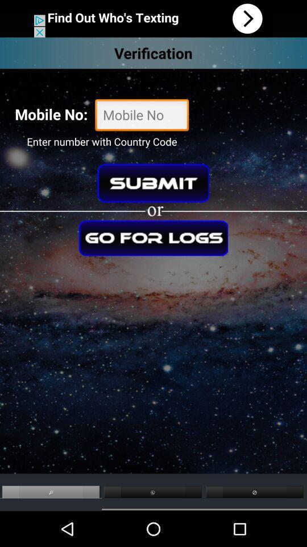  What do you see at coordinates (142, 116) in the screenshot?
I see `mobile no` at bounding box center [142, 116].